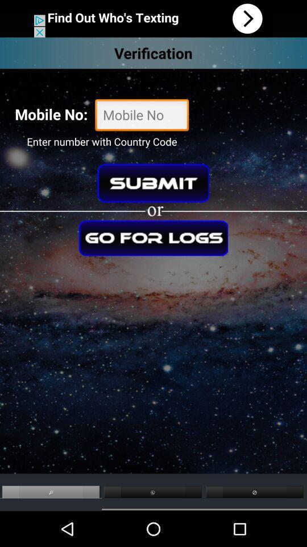  What do you see at coordinates (142, 116) in the screenshot?
I see `mobile no` at bounding box center [142, 116].